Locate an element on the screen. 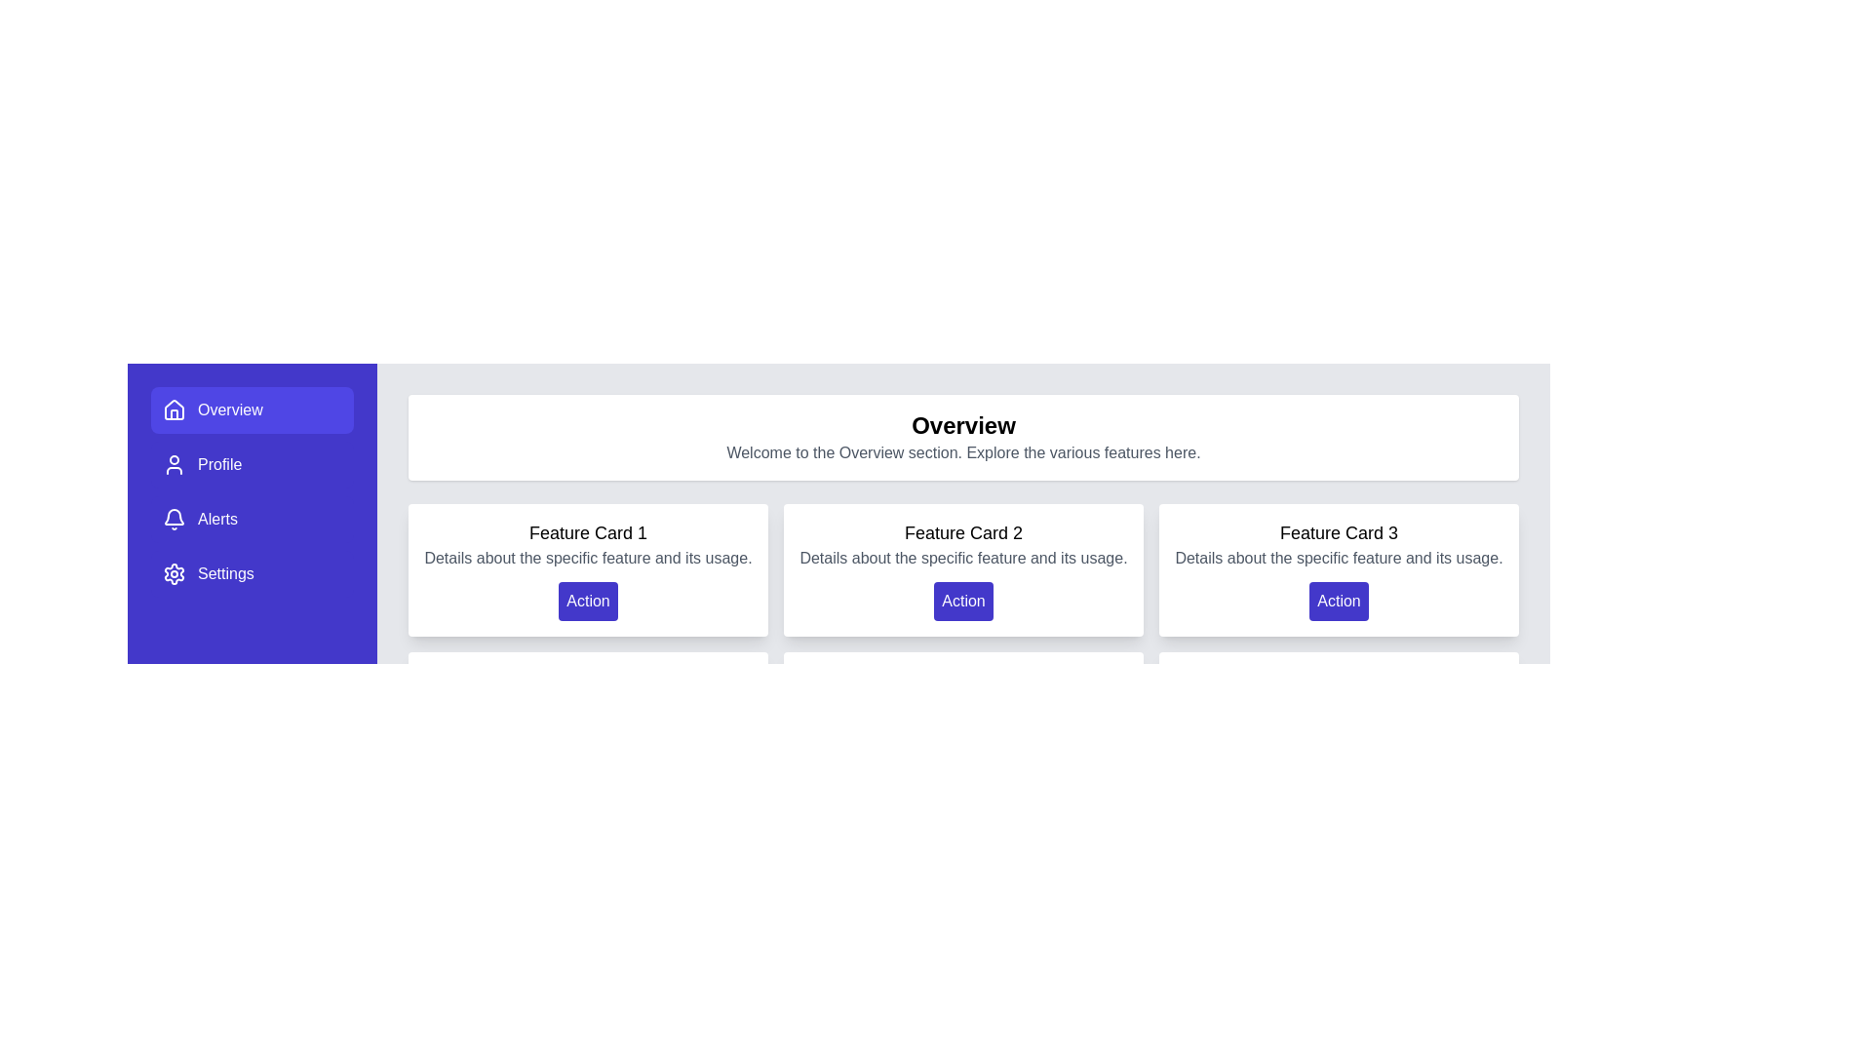 Image resolution: width=1872 pixels, height=1053 pixels. the static text label reading 'Details about the specific feature and its usage.' located below the title in 'Feature Card 3.' is located at coordinates (1338, 559).